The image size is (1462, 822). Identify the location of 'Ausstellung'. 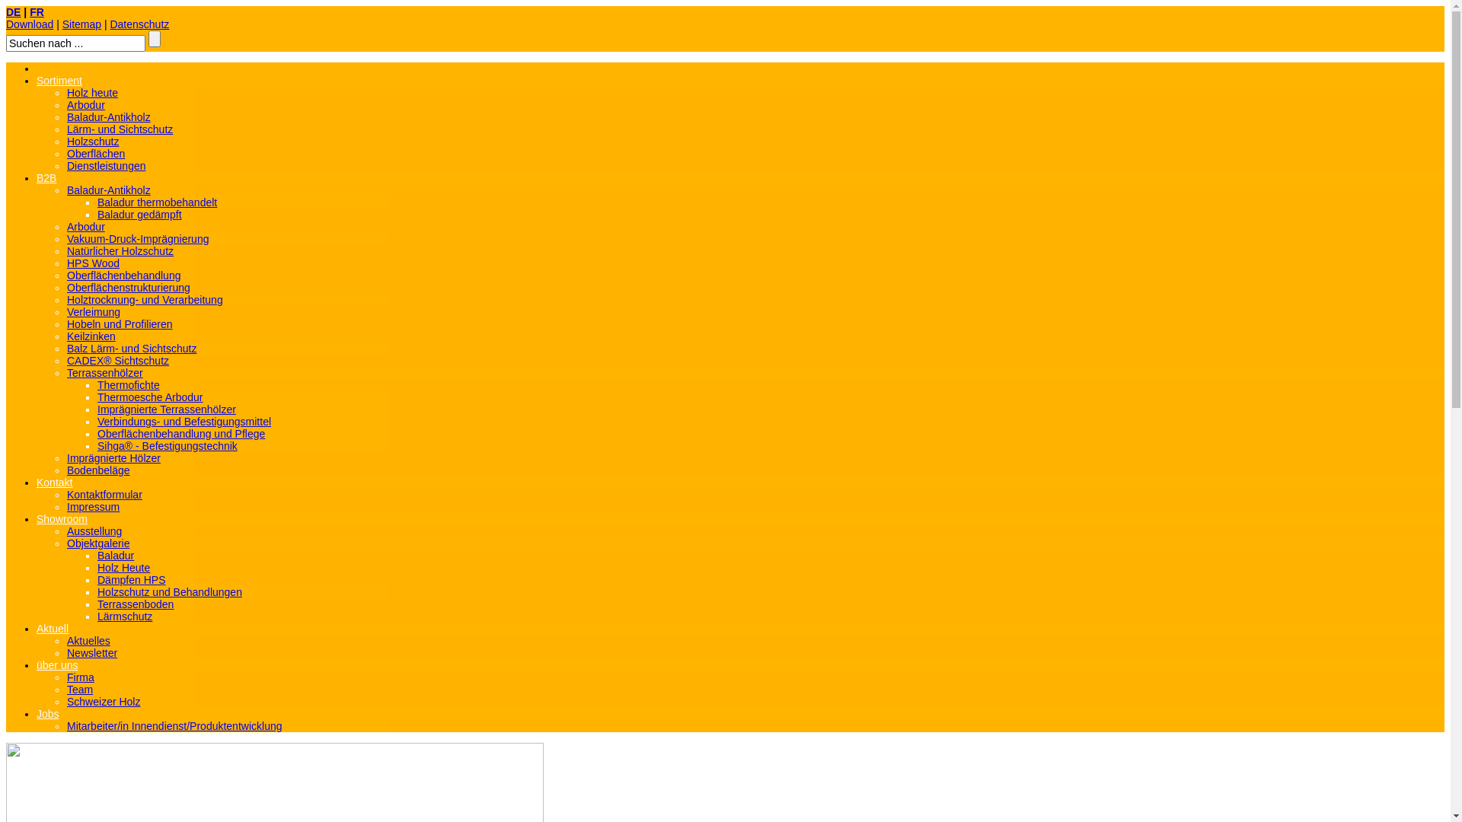
(94, 530).